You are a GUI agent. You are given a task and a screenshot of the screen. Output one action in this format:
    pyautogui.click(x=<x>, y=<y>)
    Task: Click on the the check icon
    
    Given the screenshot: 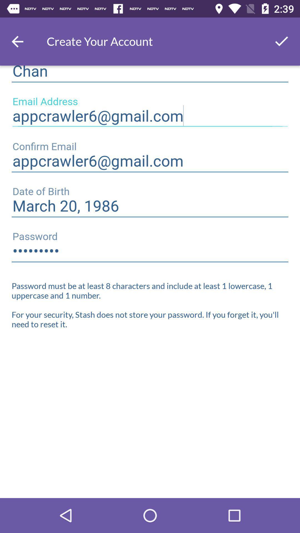 What is the action you would take?
    pyautogui.click(x=282, y=41)
    